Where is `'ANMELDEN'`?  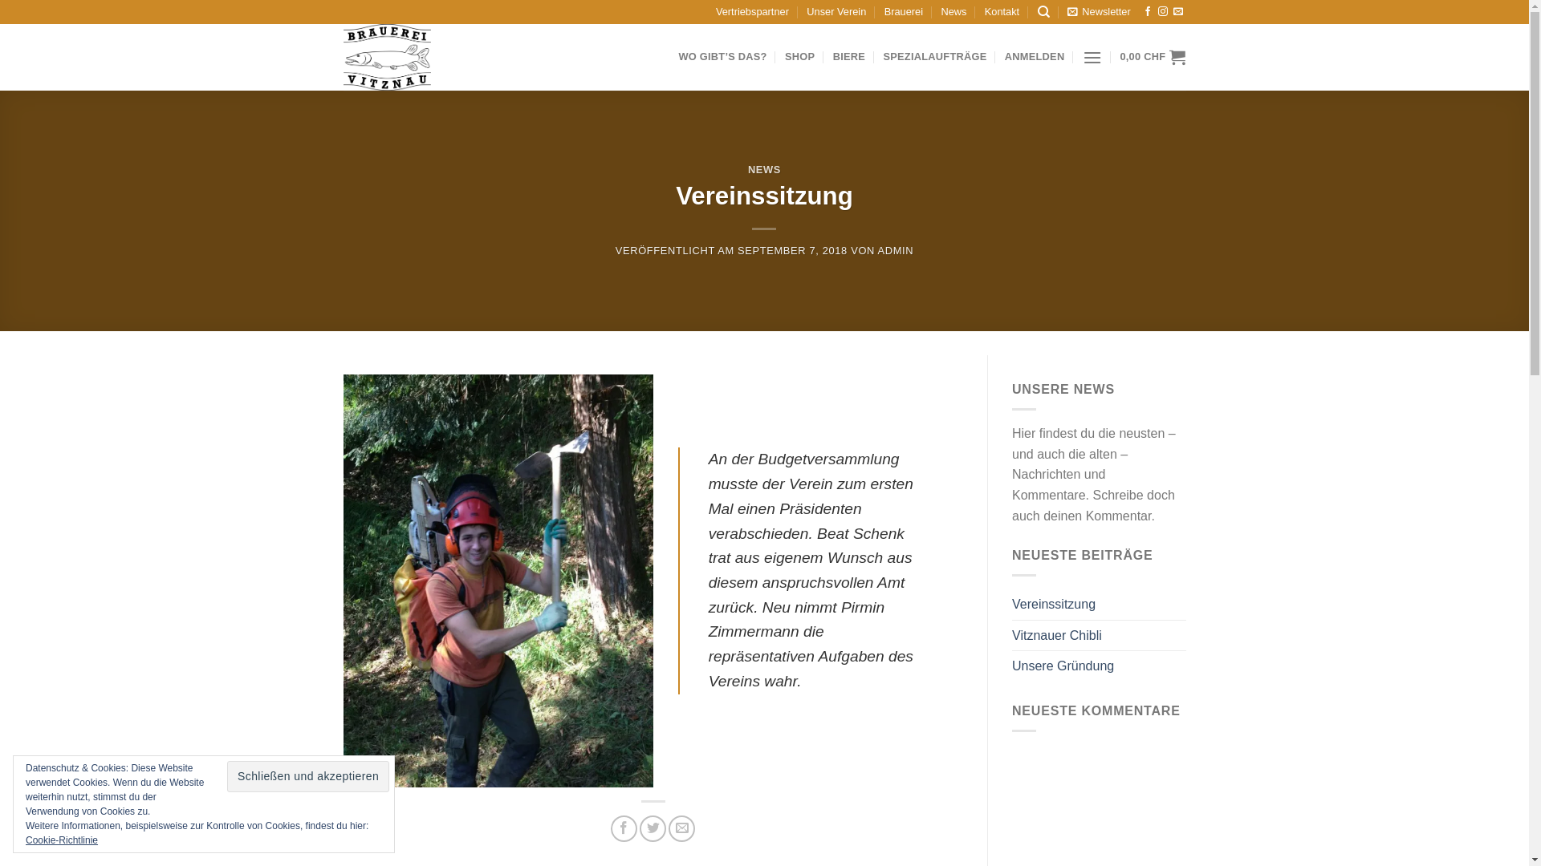 'ANMELDEN' is located at coordinates (1035, 55).